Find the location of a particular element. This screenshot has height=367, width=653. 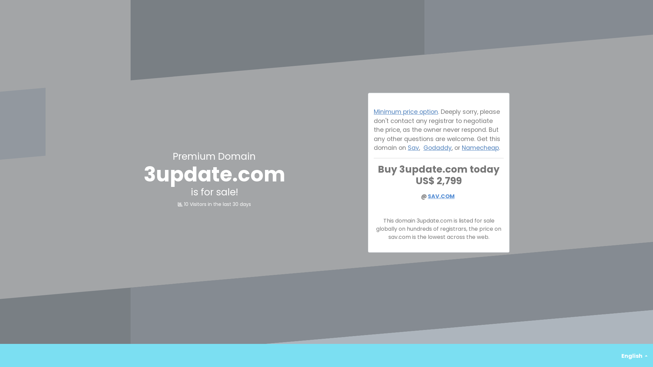

'Sav' is located at coordinates (413, 147).